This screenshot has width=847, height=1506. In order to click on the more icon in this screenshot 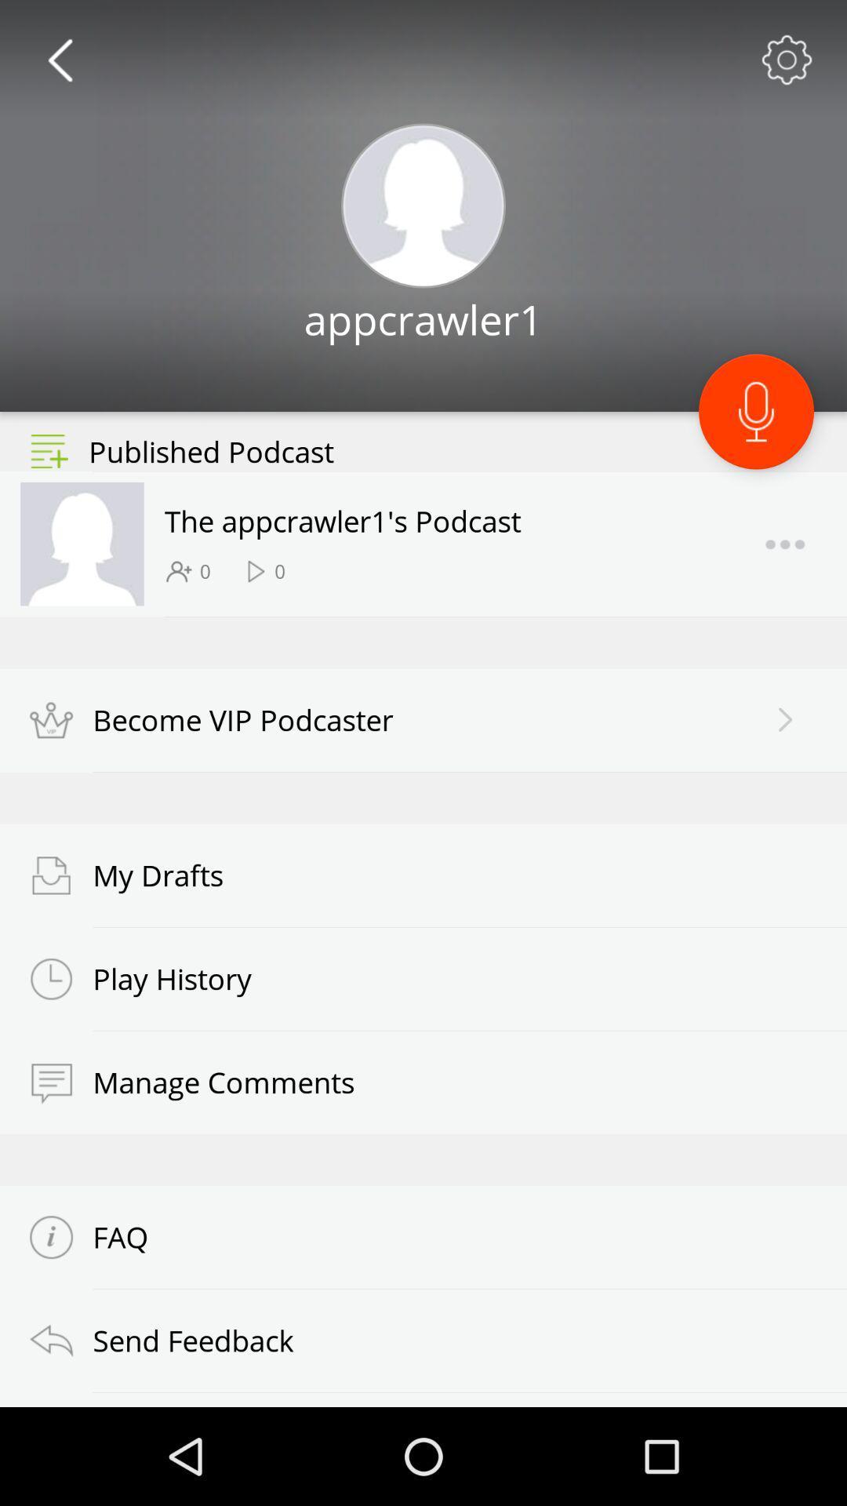, I will do `click(785, 581)`.